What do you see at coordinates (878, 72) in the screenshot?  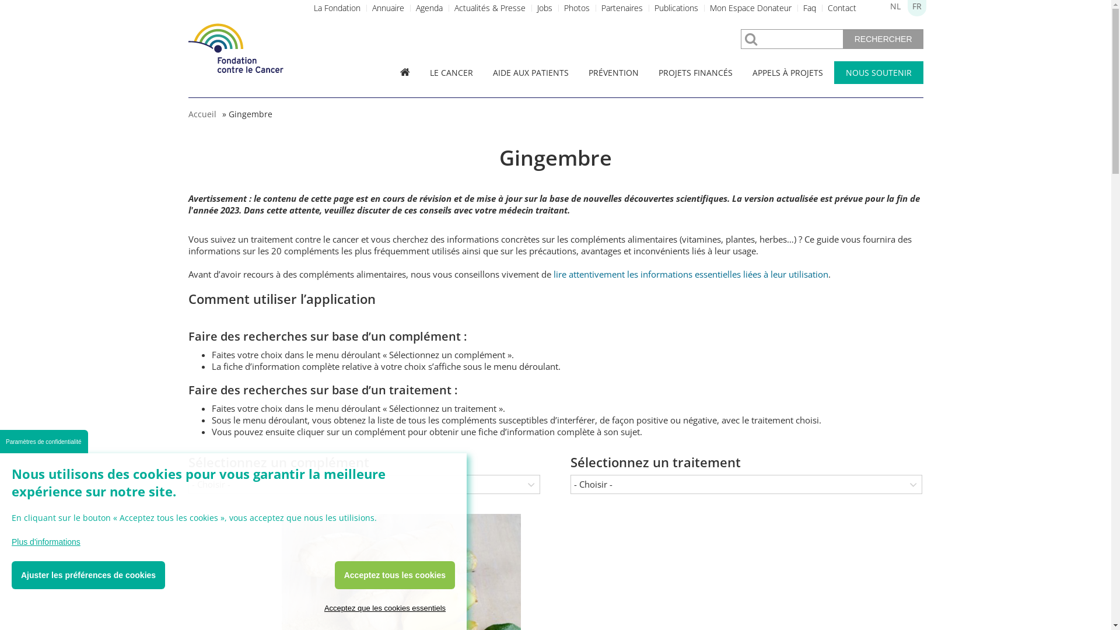 I see `'NOUS SOUTENIR'` at bounding box center [878, 72].